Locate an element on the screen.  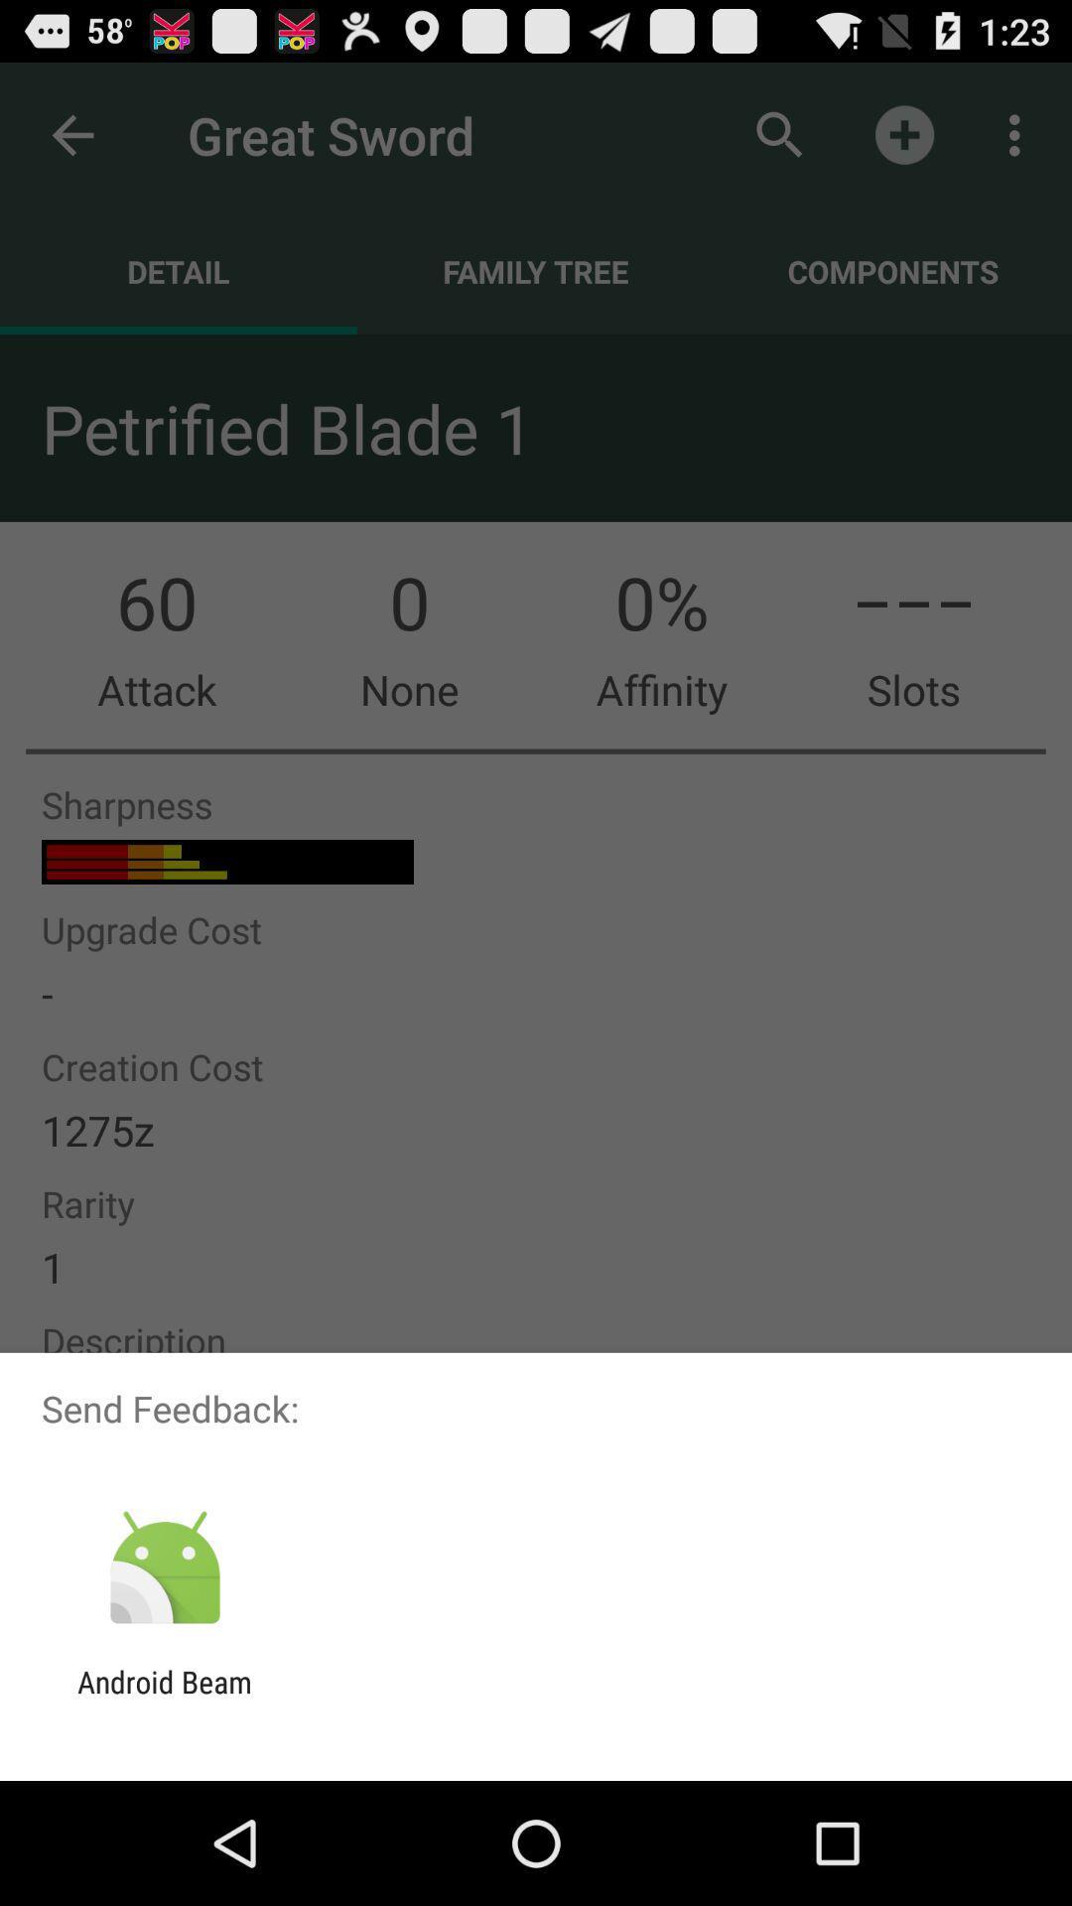
app above android beam item is located at coordinates (164, 1567).